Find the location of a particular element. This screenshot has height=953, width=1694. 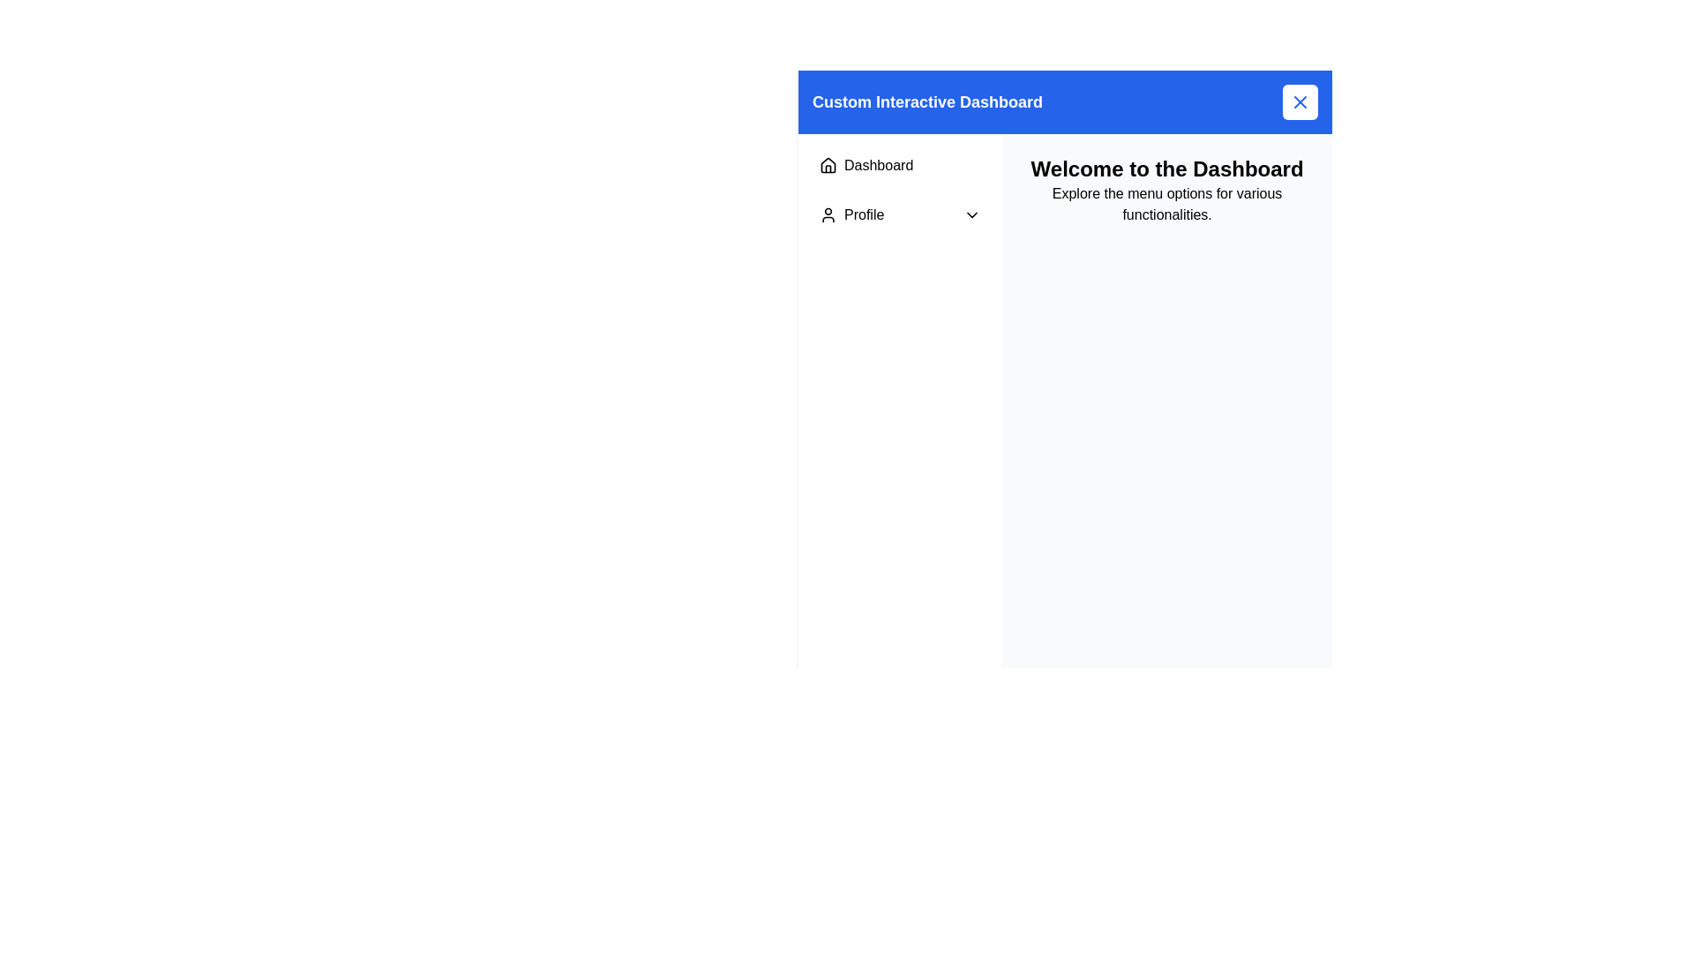

the user profile icon located in the left sidebar menu is located at coordinates (828, 214).